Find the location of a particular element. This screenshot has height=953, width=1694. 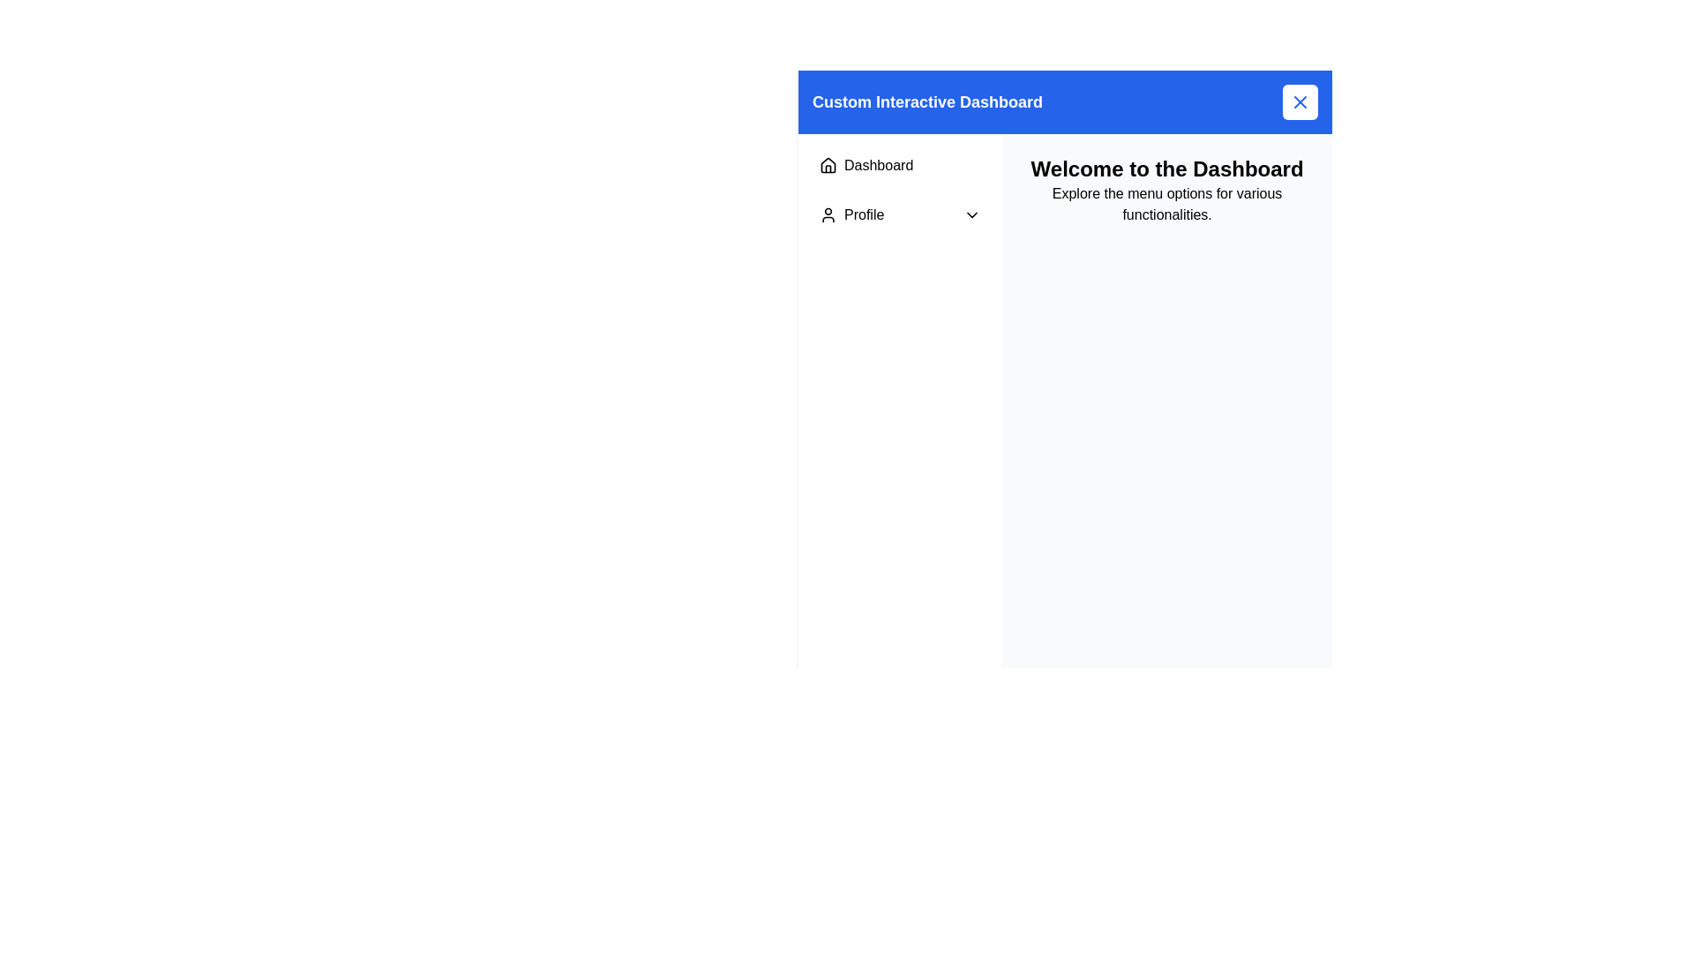

the user profile icon located in the left sidebar menu is located at coordinates (828, 214).